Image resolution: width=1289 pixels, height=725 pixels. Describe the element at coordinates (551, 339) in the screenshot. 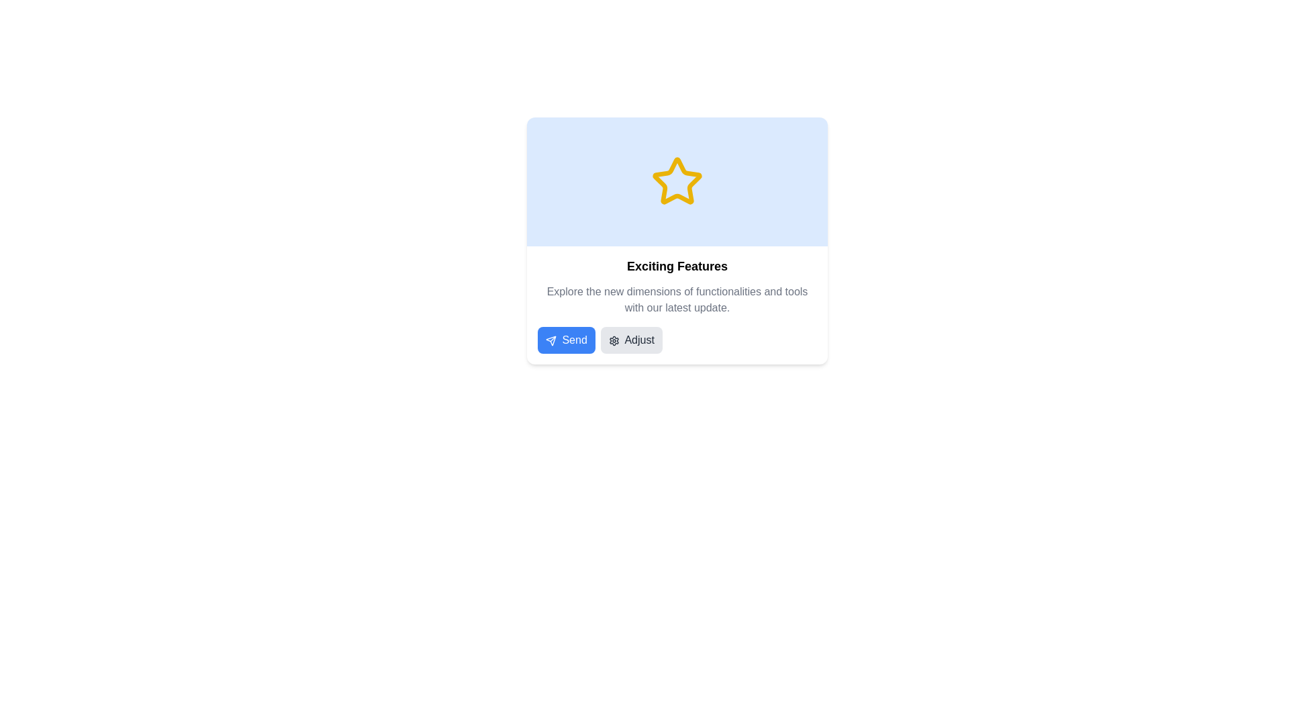

I see `the triangular-shaped paper airplane icon located within the blue 'Send' button on the card titled 'Exciting Features'` at that location.